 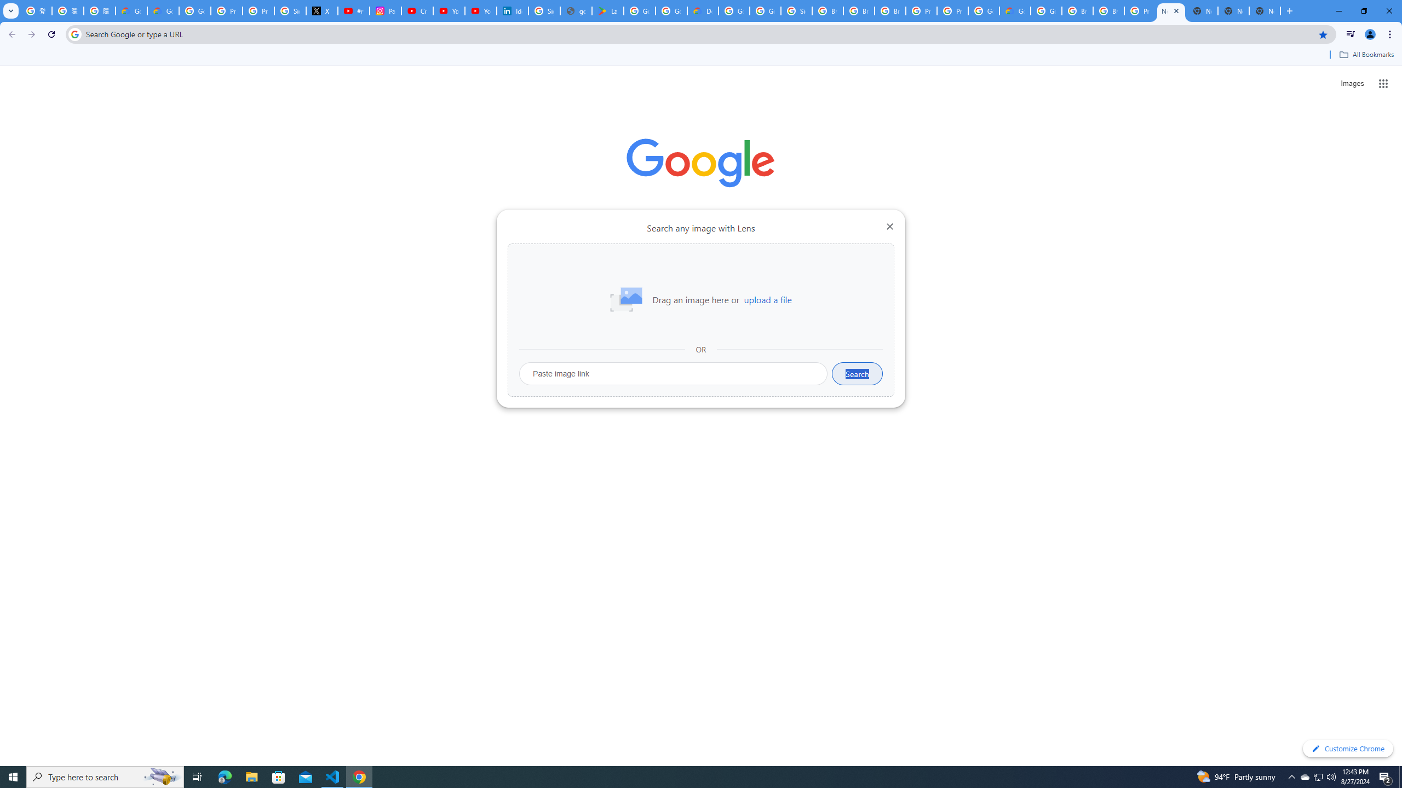 I want to click on 'upload a file', so click(x=767, y=299).